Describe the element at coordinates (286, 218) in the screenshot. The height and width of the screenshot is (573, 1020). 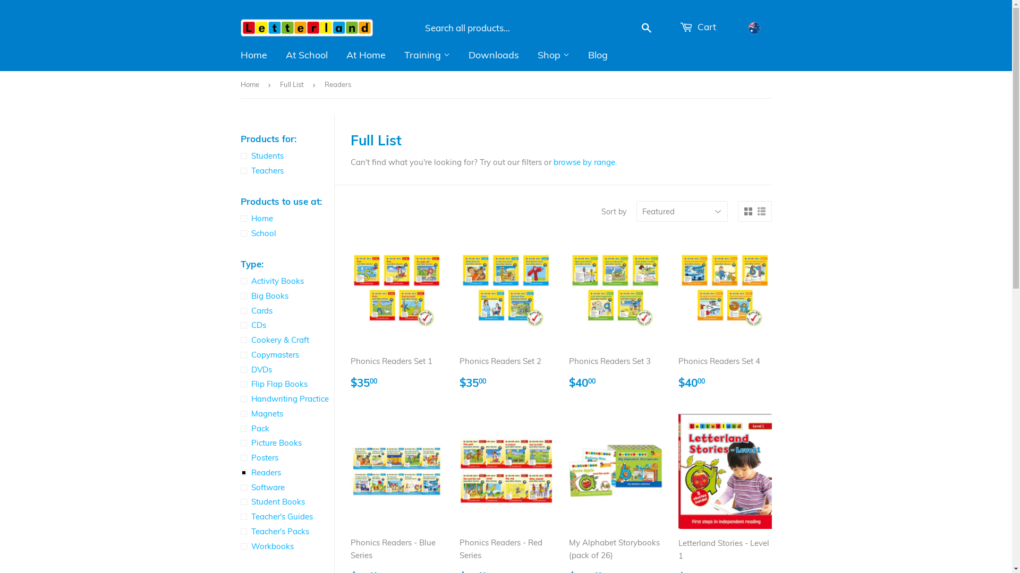
I see `'Home'` at that location.